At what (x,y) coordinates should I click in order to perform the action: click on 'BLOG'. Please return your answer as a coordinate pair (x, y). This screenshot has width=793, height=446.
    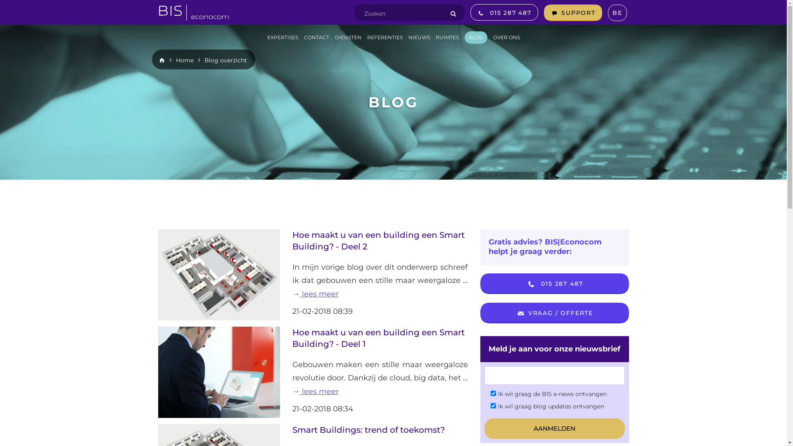
    Looking at the image, I should click on (464, 38).